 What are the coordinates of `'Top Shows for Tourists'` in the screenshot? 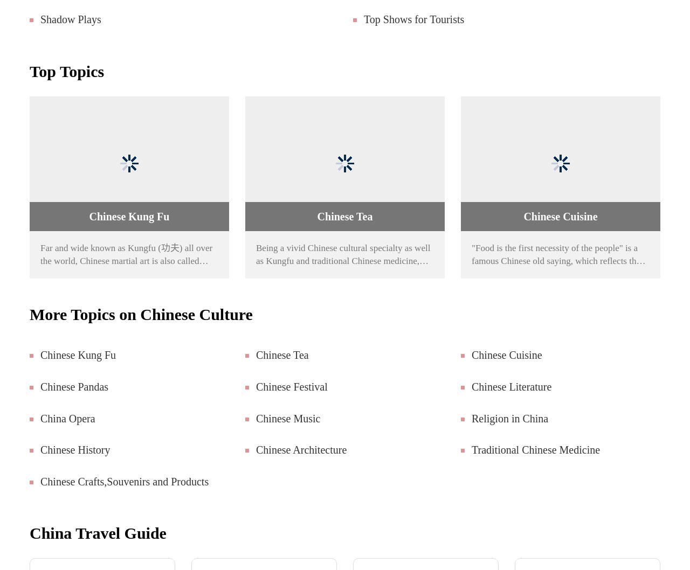 It's located at (413, 19).